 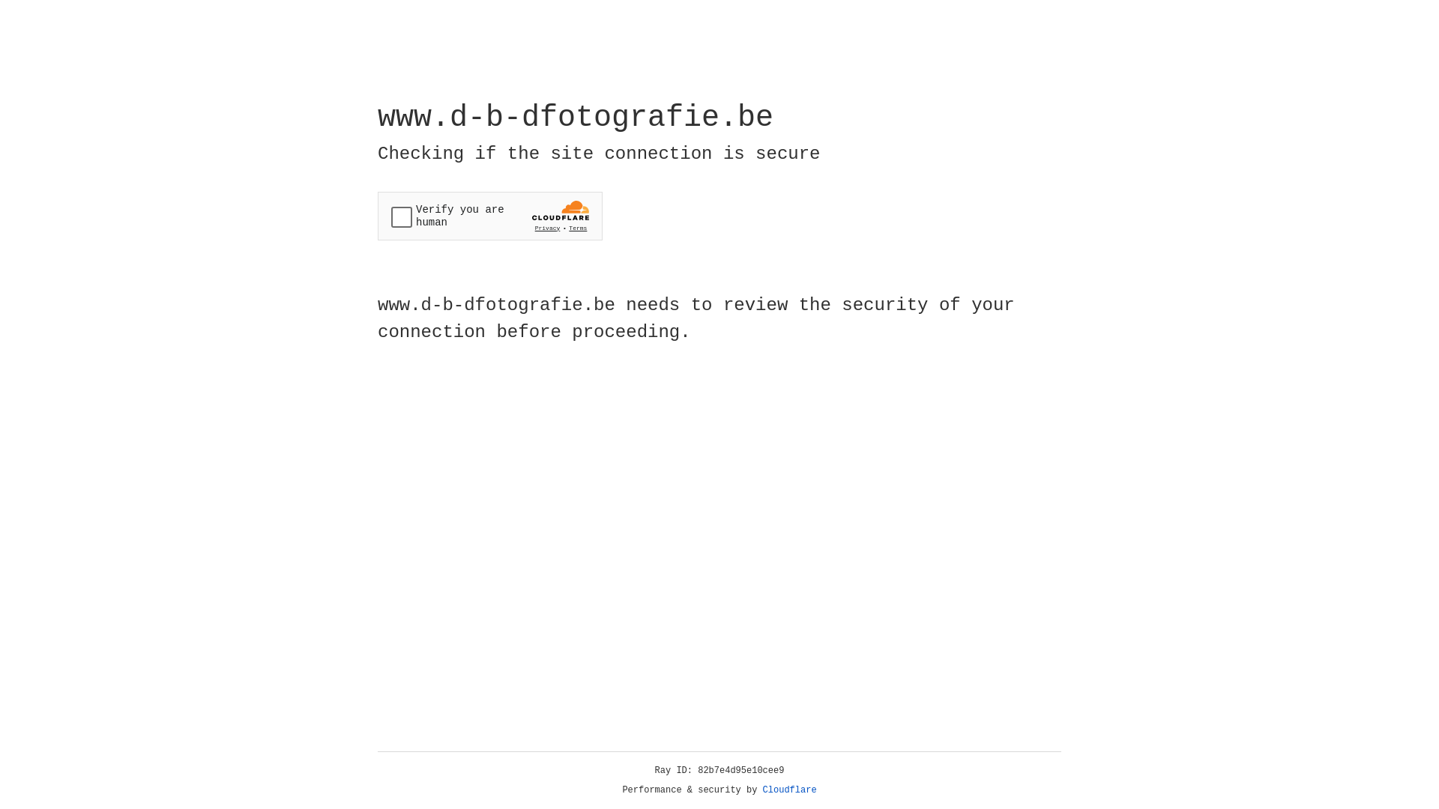 What do you see at coordinates (489, 216) in the screenshot?
I see `'Widget containing a Cloudflare security challenge'` at bounding box center [489, 216].